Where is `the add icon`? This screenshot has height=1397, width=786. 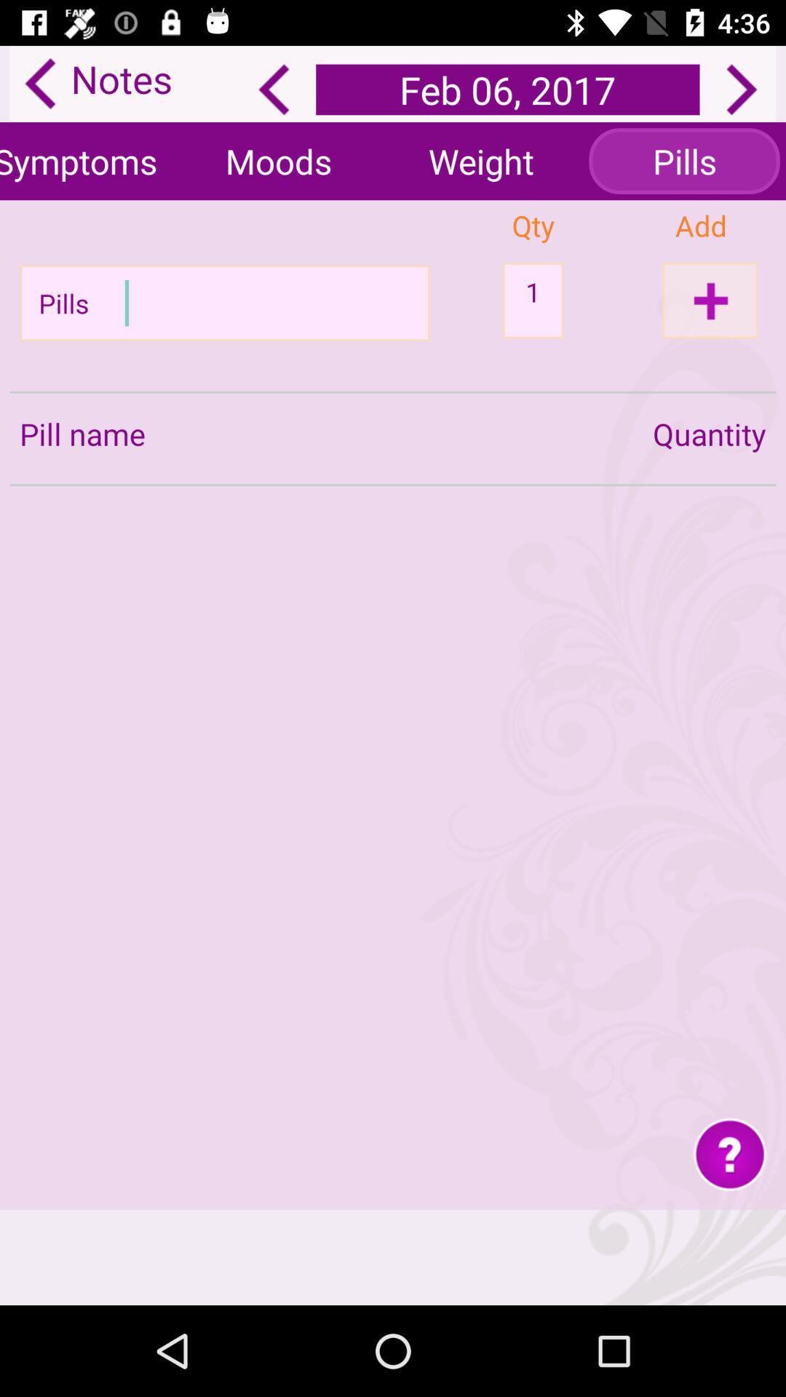 the add icon is located at coordinates (710, 300).